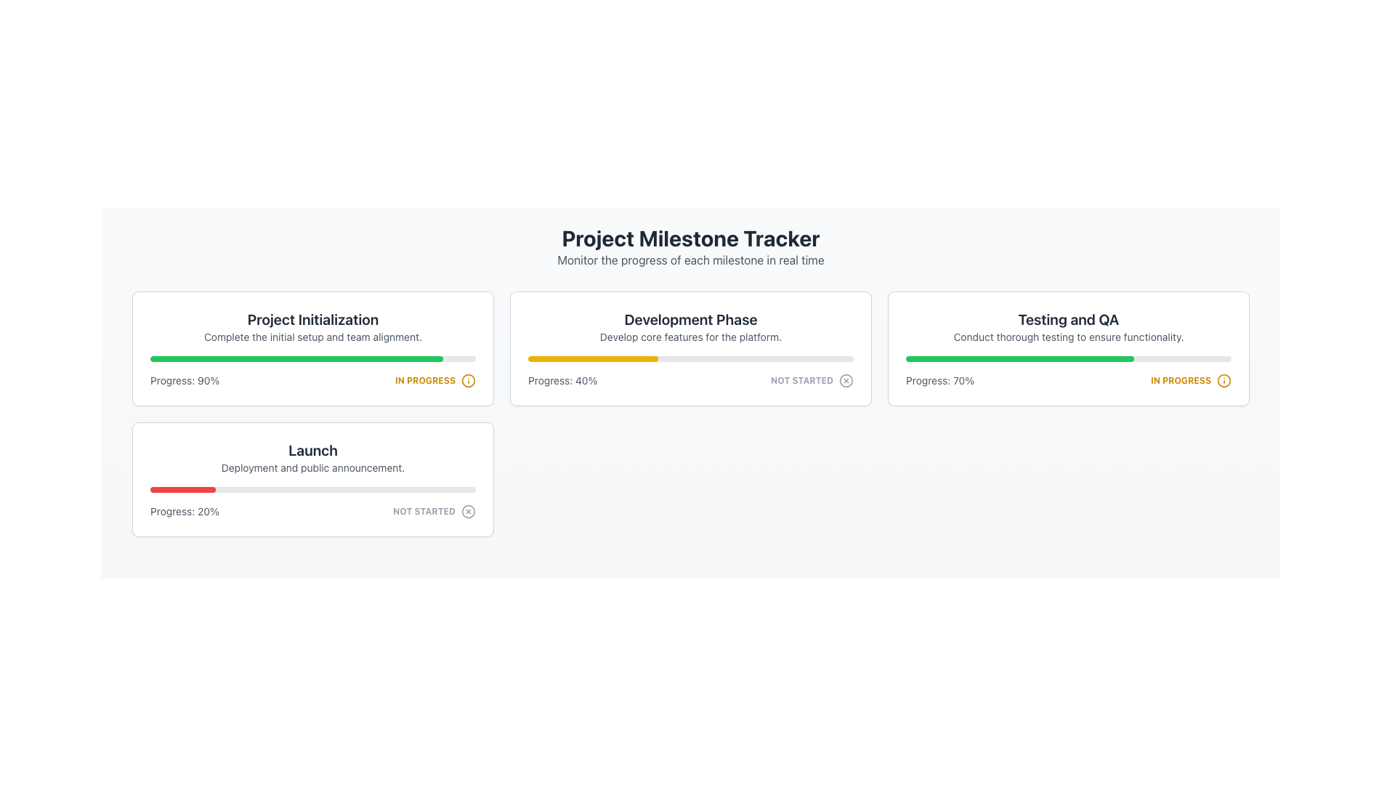 The image size is (1395, 785). What do you see at coordinates (312, 468) in the screenshot?
I see `informative text label located below the 'Launch' header in the 'Launch' milestone section` at bounding box center [312, 468].